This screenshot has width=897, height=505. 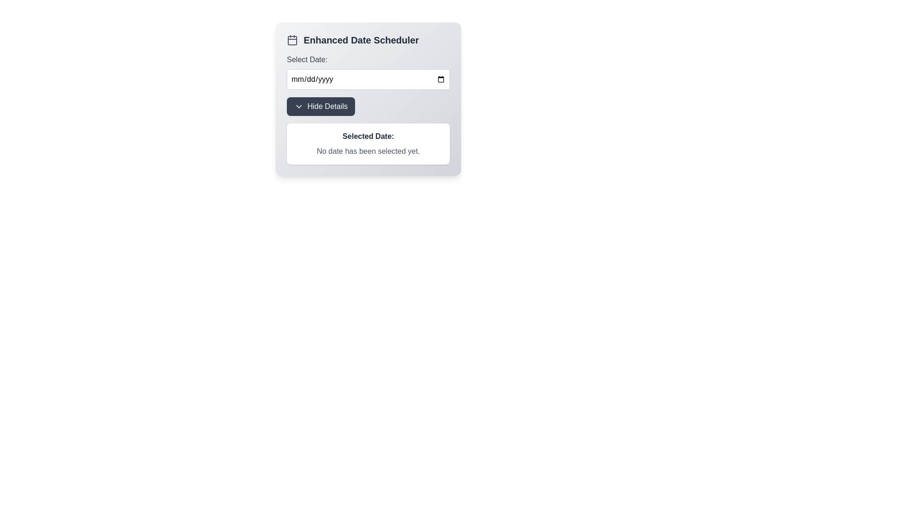 What do you see at coordinates (307, 59) in the screenshot?
I see `the text label displaying 'Select Date:' which is aligned left and positioned above the date input field` at bounding box center [307, 59].